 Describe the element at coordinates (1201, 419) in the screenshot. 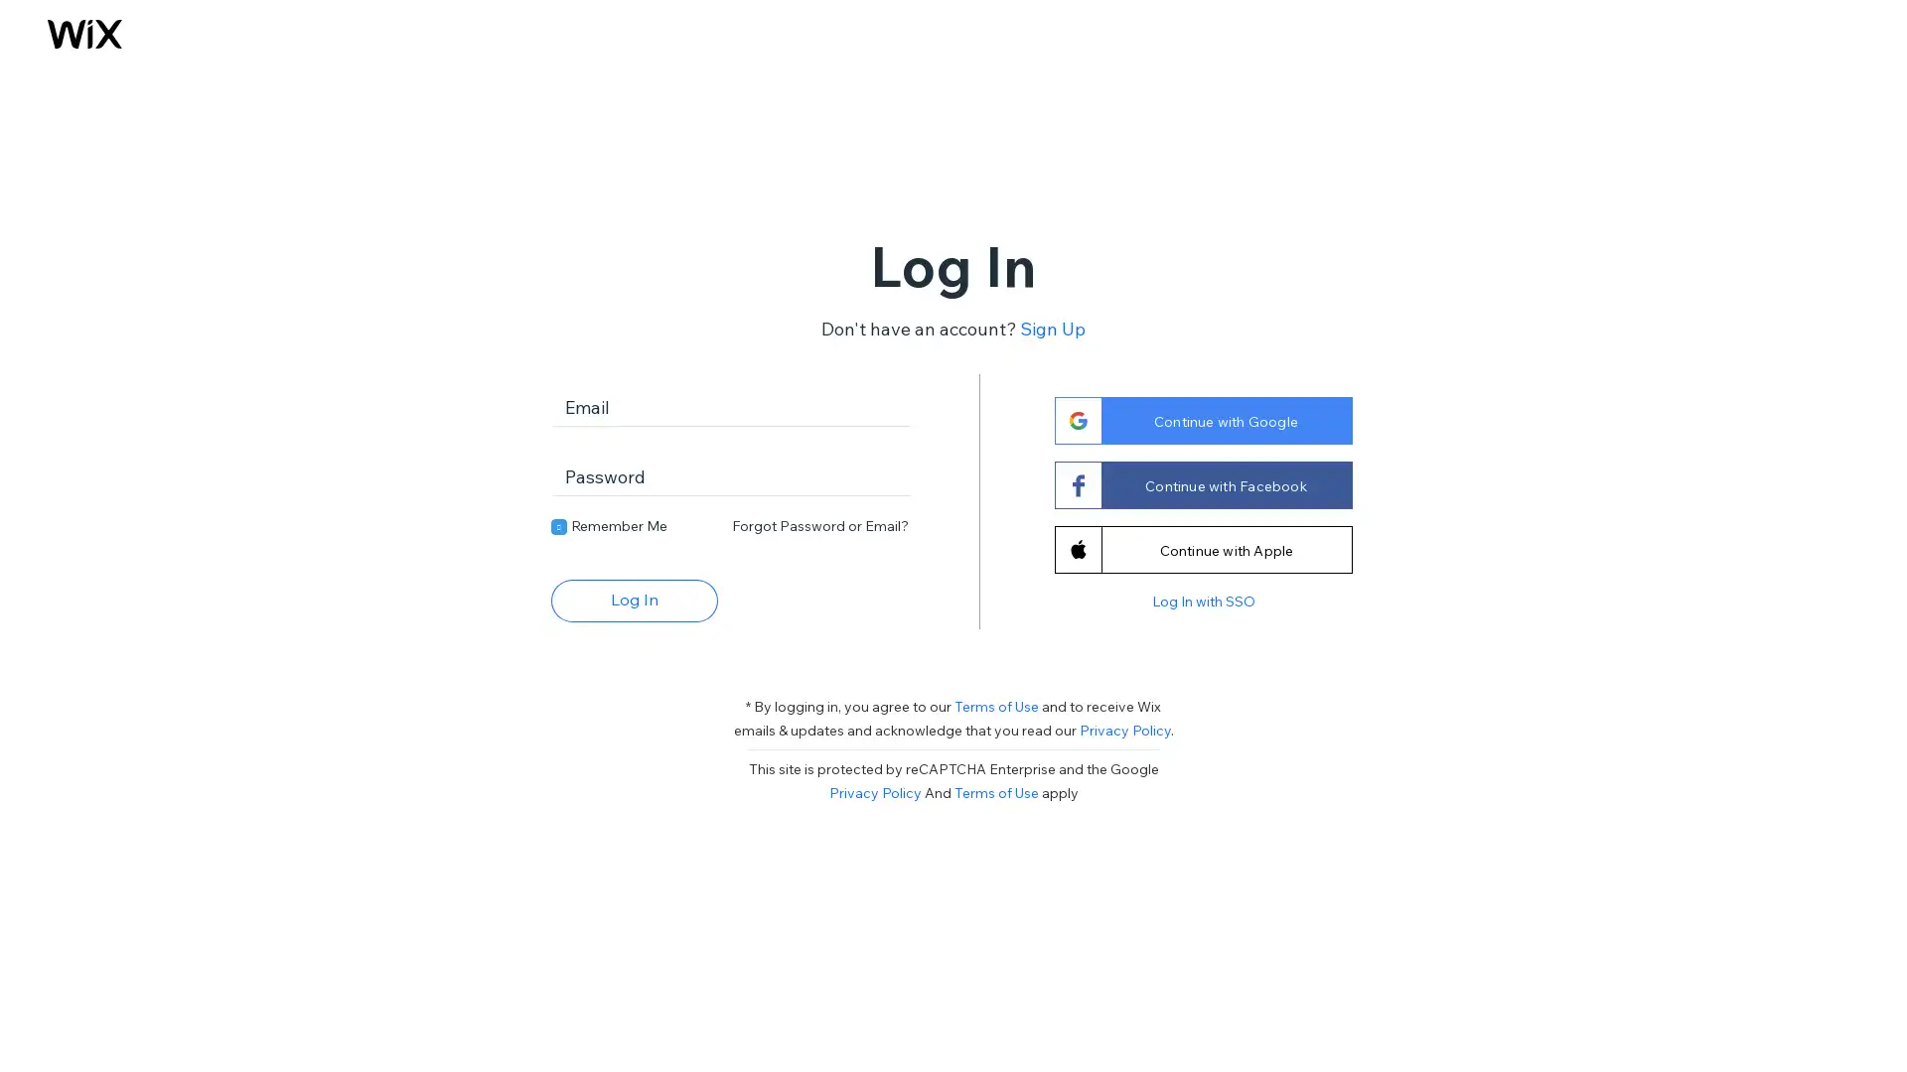

I see `Continue with Google` at that location.